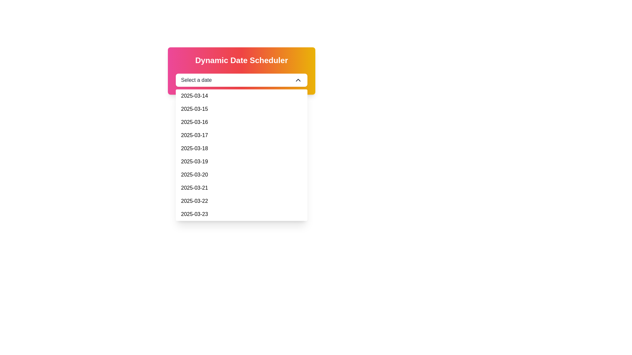 This screenshot has height=355, width=632. I want to click on the text item displaying the date '2025-03-21' in the dropdown list, so click(194, 188).